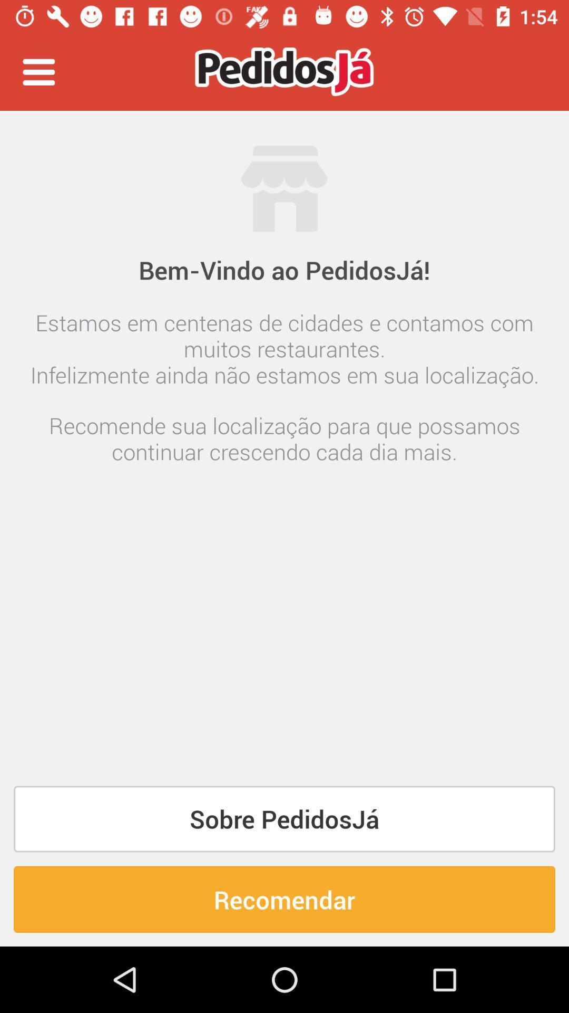 This screenshot has height=1013, width=569. Describe the element at coordinates (284, 899) in the screenshot. I see `the recomendar item` at that location.